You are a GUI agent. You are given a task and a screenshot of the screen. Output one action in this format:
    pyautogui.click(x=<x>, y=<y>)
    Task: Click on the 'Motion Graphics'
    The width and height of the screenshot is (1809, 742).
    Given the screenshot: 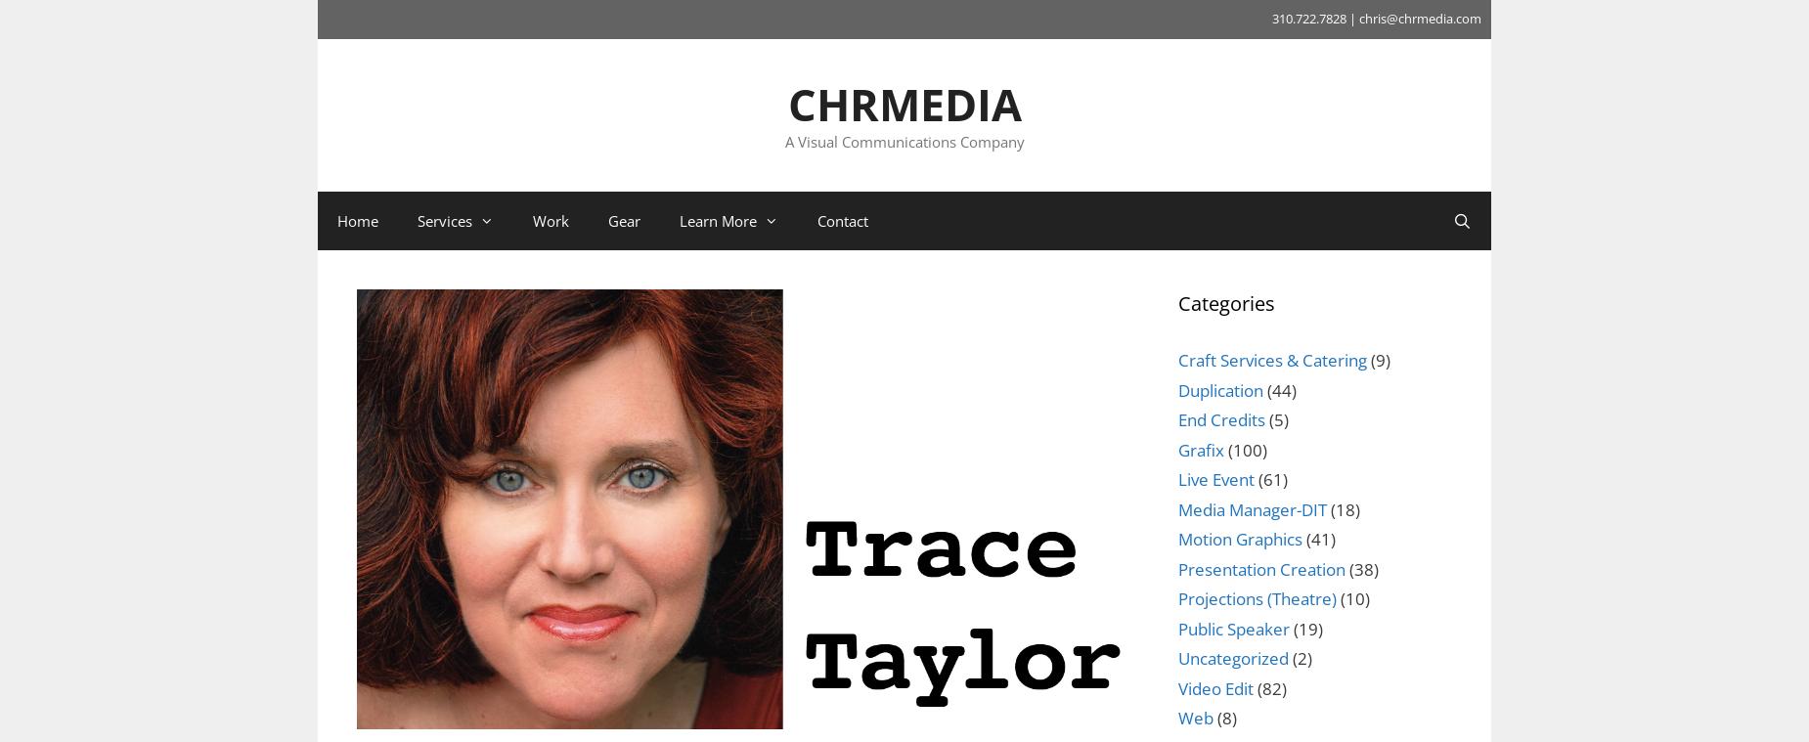 What is the action you would take?
    pyautogui.click(x=1239, y=538)
    